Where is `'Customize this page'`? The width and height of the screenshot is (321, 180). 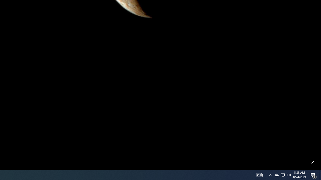
'Customize this page' is located at coordinates (313, 162).